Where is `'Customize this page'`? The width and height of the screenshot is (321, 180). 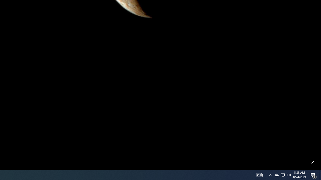
'Customize this page' is located at coordinates (313, 162).